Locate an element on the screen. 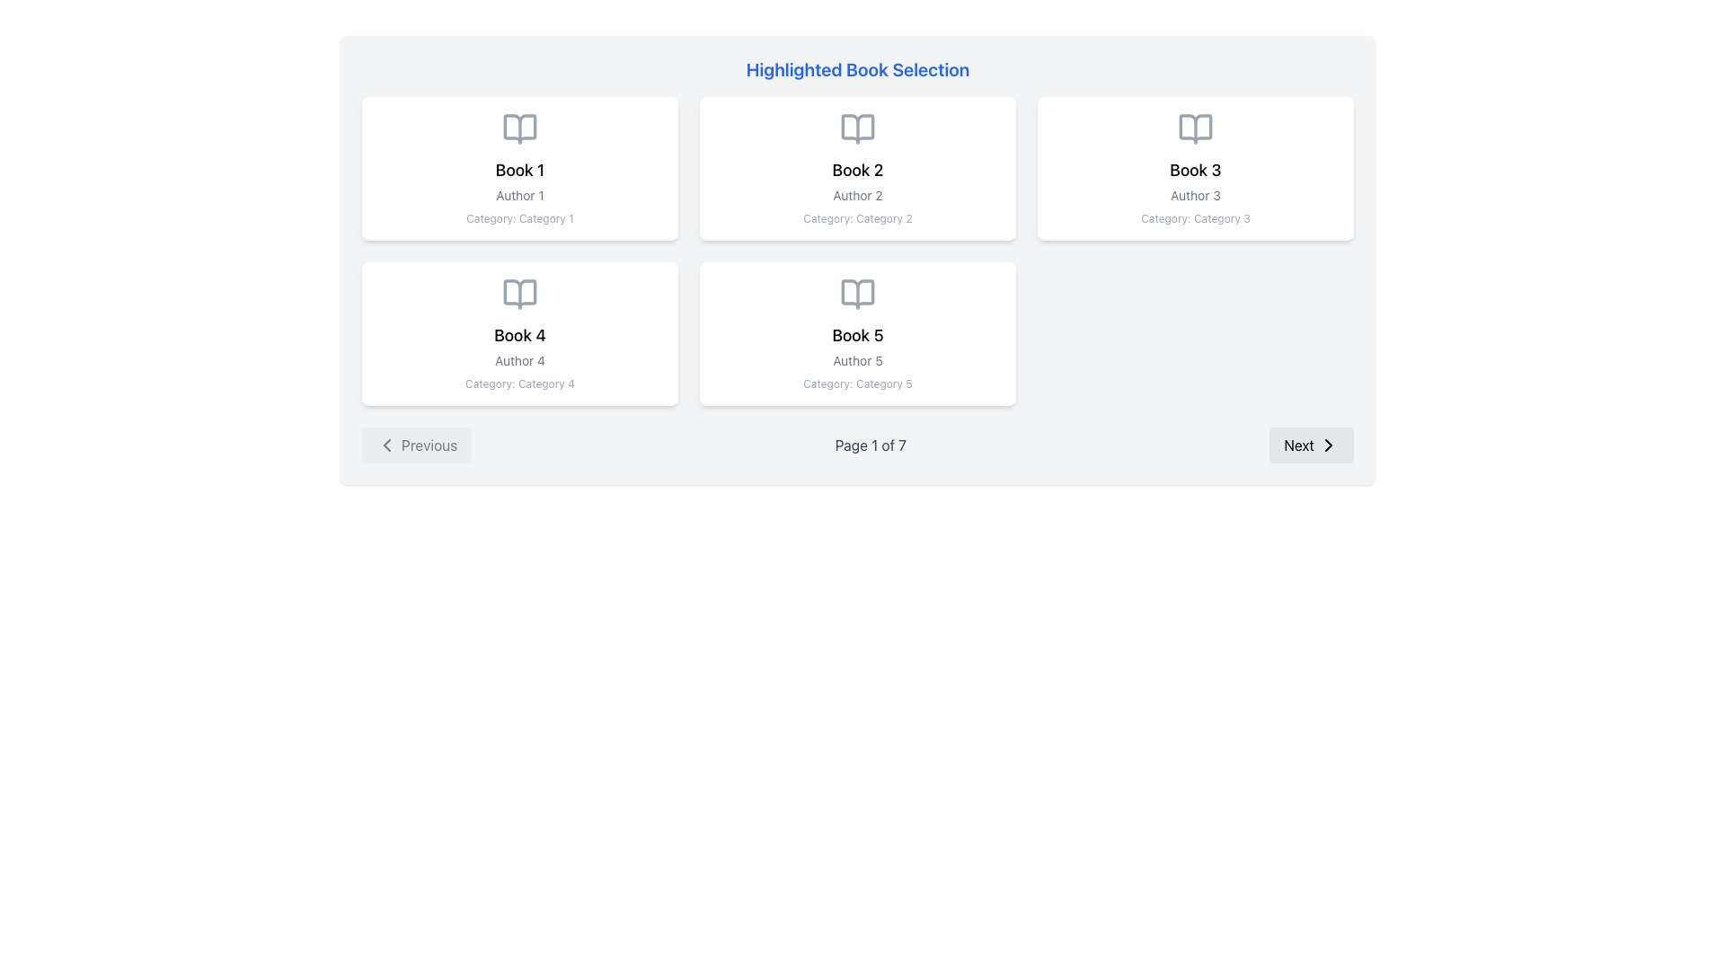 The width and height of the screenshot is (1725, 970). the Text Label that serves as the title of the central book in the first row of a grid layout, positioned above the author and category information and below the book icon is located at coordinates (857, 170).